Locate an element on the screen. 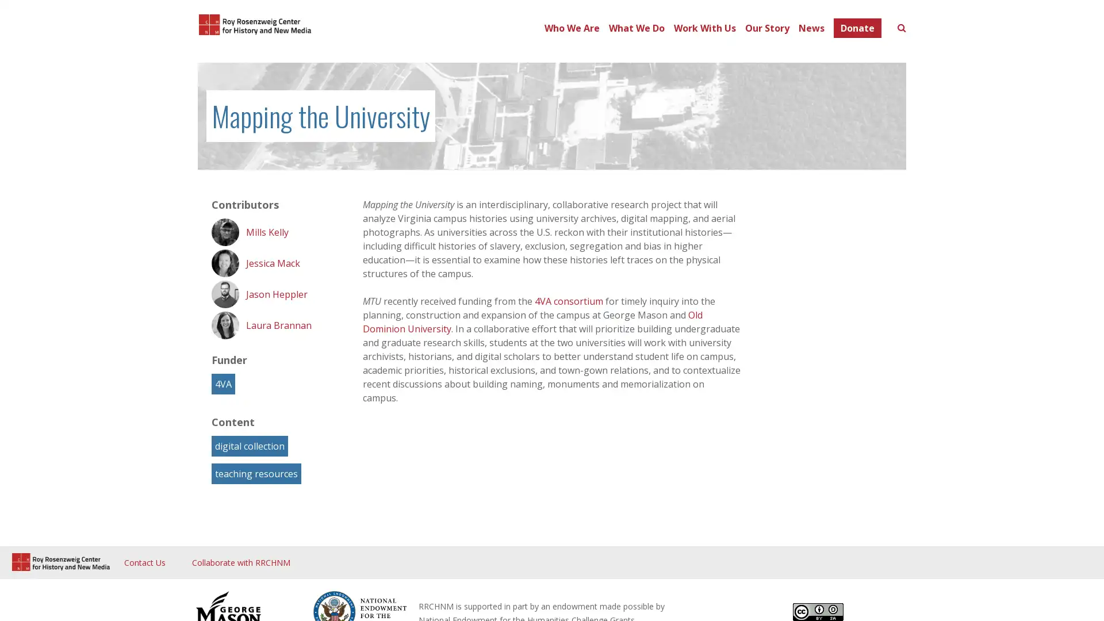  Toggle search form is located at coordinates (901, 27).